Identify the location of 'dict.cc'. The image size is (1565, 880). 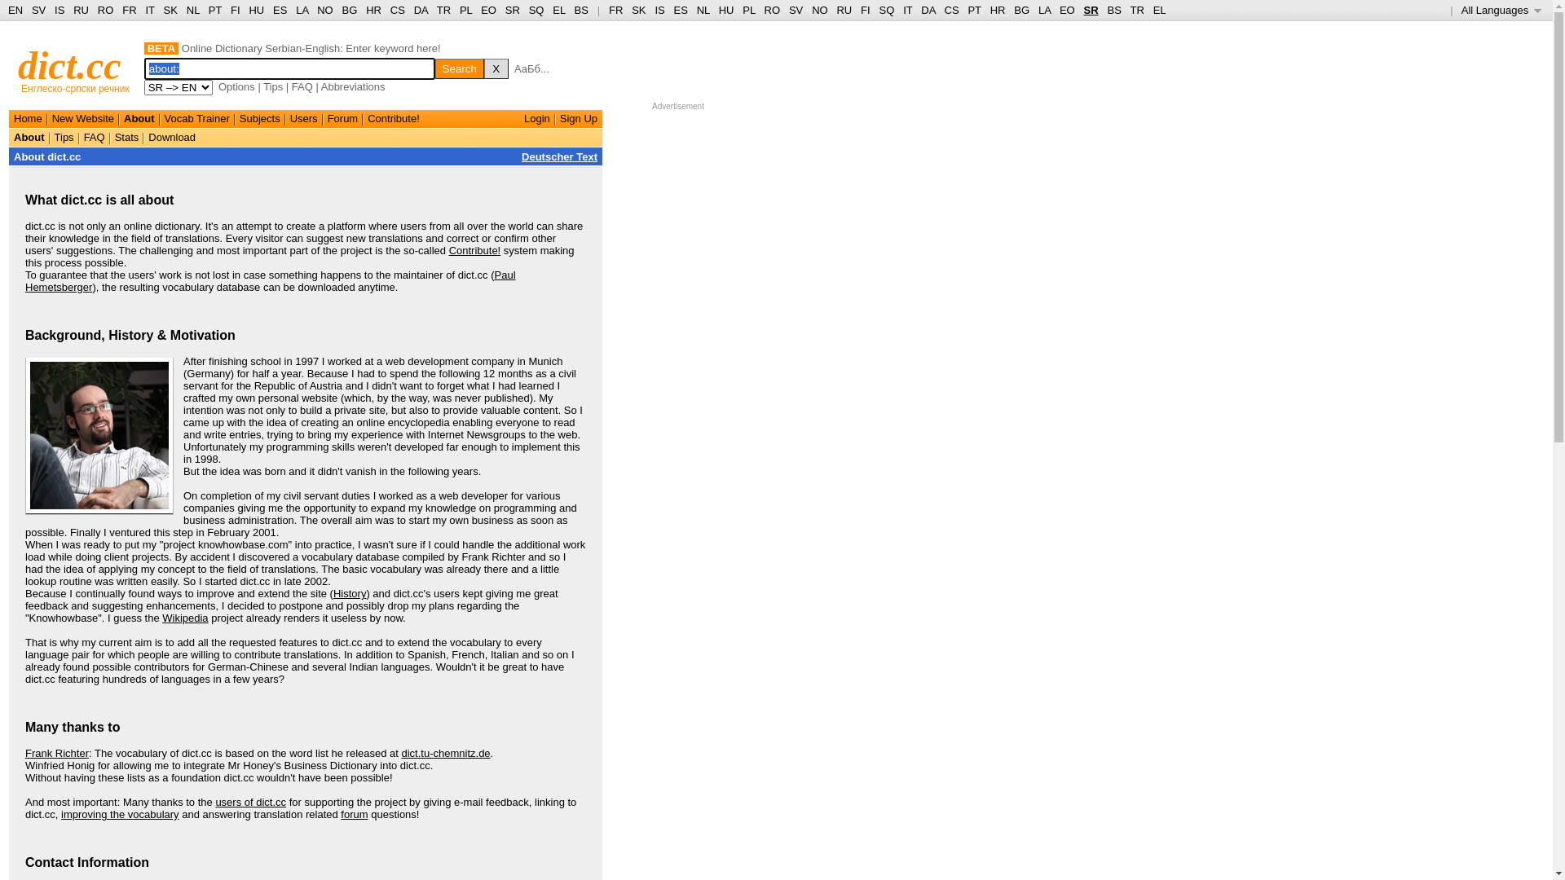
(68, 64).